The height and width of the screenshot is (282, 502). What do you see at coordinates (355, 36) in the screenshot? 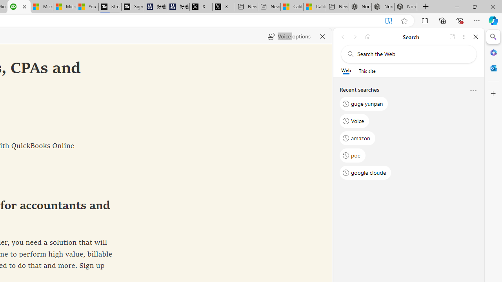
I see `'Forward'` at bounding box center [355, 36].